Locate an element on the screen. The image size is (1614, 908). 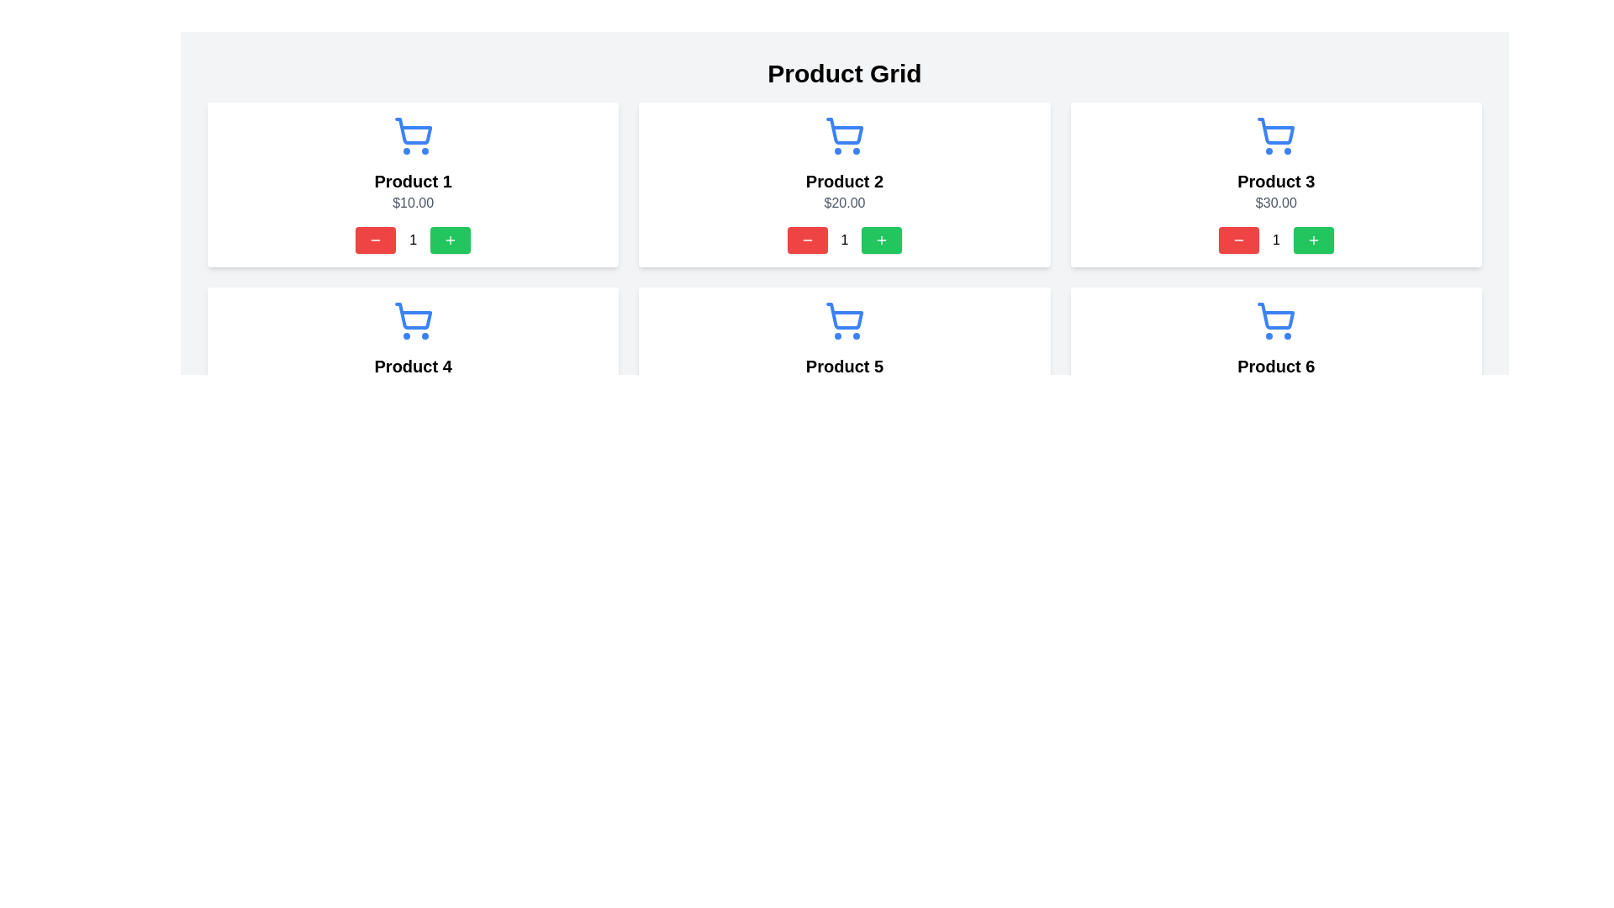
the text label reading 'Product 5' is located at coordinates (844, 365).